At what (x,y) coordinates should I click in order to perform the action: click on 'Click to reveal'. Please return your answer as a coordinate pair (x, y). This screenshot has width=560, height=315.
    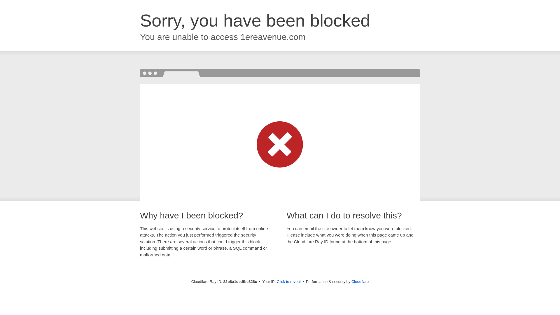
    Looking at the image, I should click on (288, 281).